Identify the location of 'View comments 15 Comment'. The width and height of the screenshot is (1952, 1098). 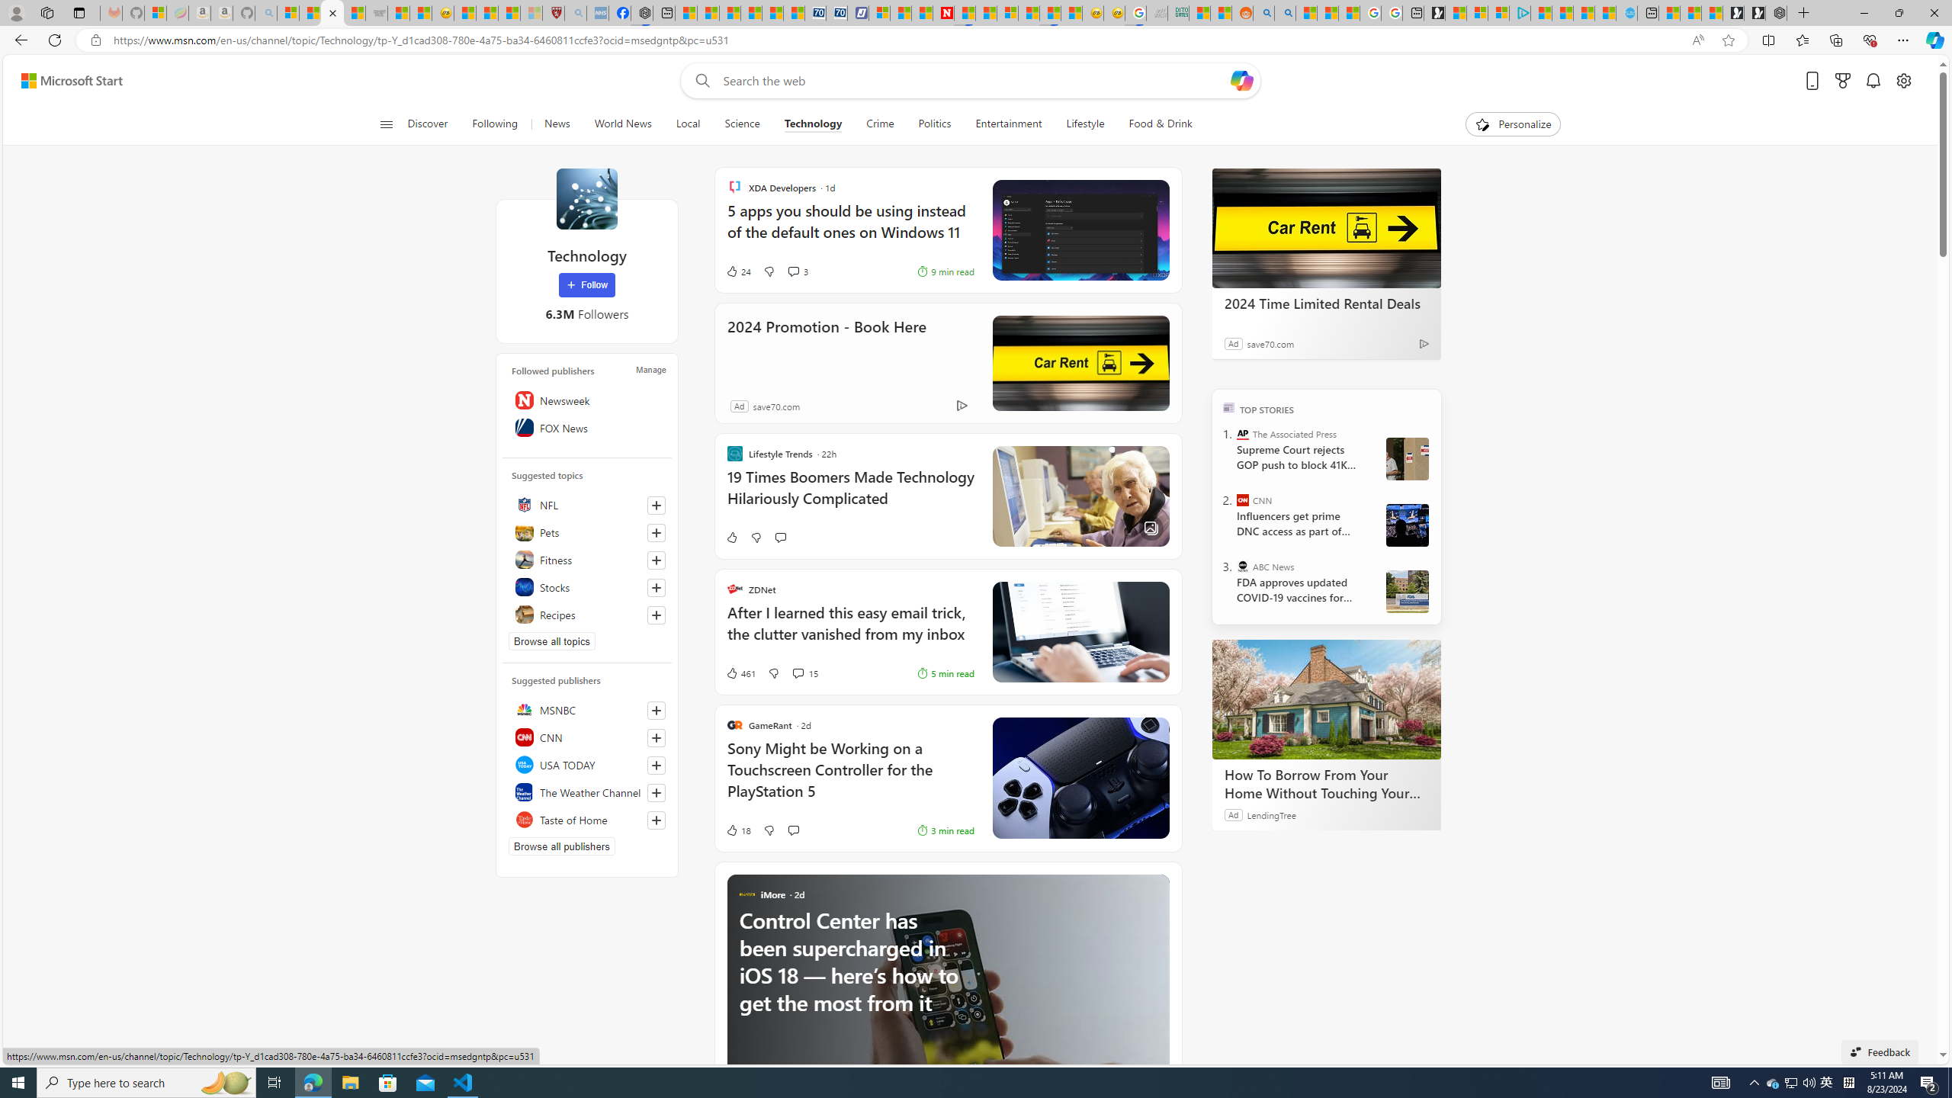
(796, 673).